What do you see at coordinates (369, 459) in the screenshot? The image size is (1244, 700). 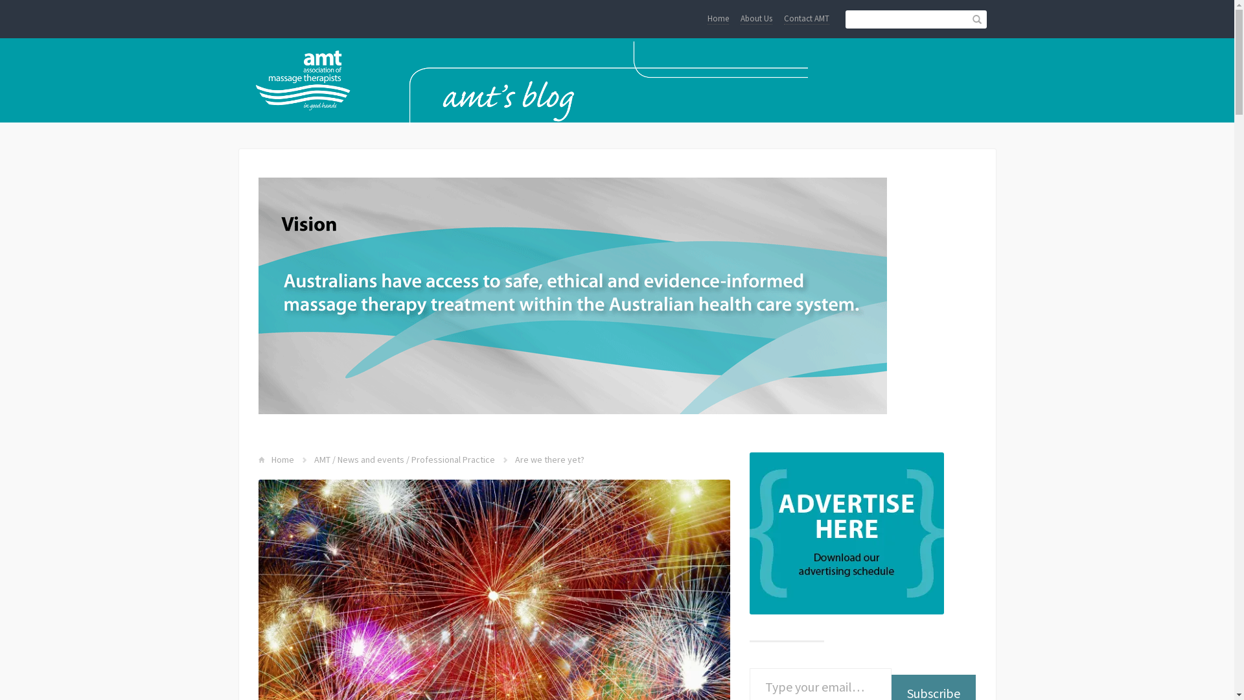 I see `'News and events'` at bounding box center [369, 459].